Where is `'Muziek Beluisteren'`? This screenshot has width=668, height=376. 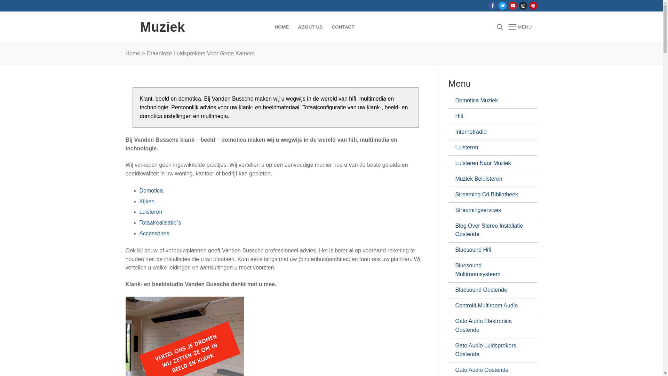 'Muziek Beluisteren' is located at coordinates (489, 178).